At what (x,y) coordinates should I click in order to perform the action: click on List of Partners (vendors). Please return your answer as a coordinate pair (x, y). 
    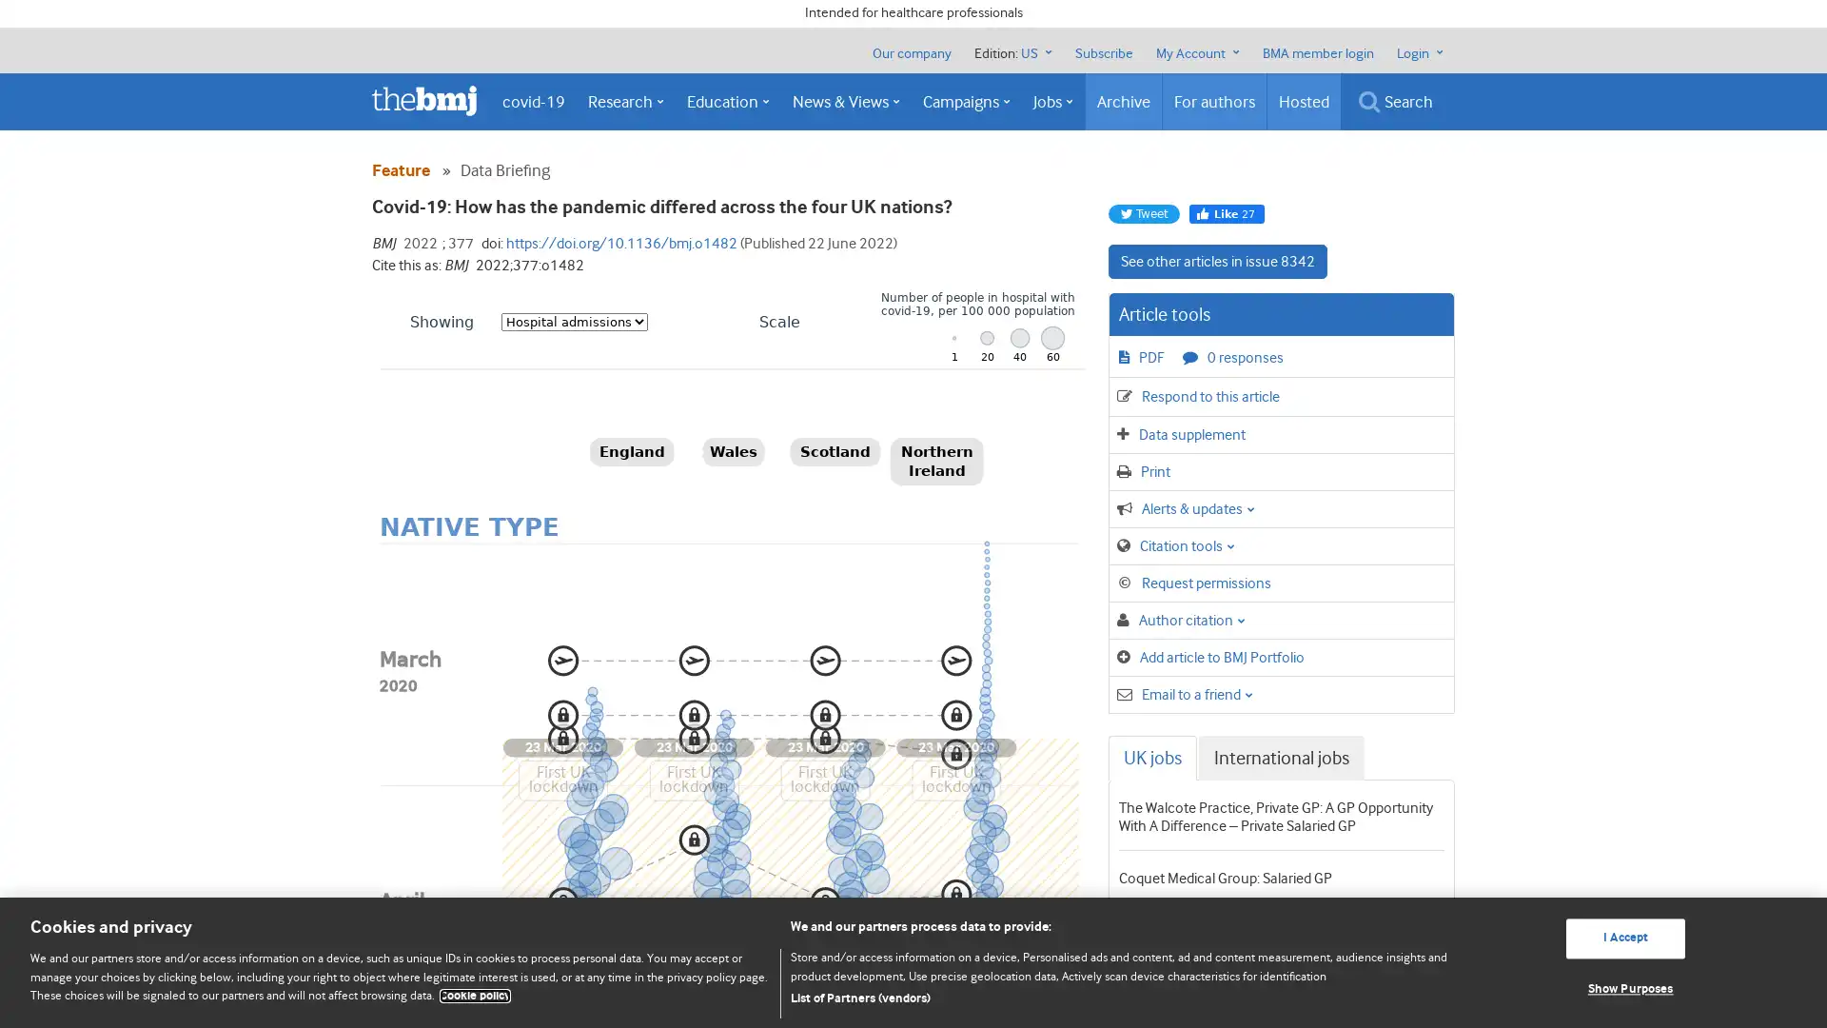
    Looking at the image, I should click on (1123, 998).